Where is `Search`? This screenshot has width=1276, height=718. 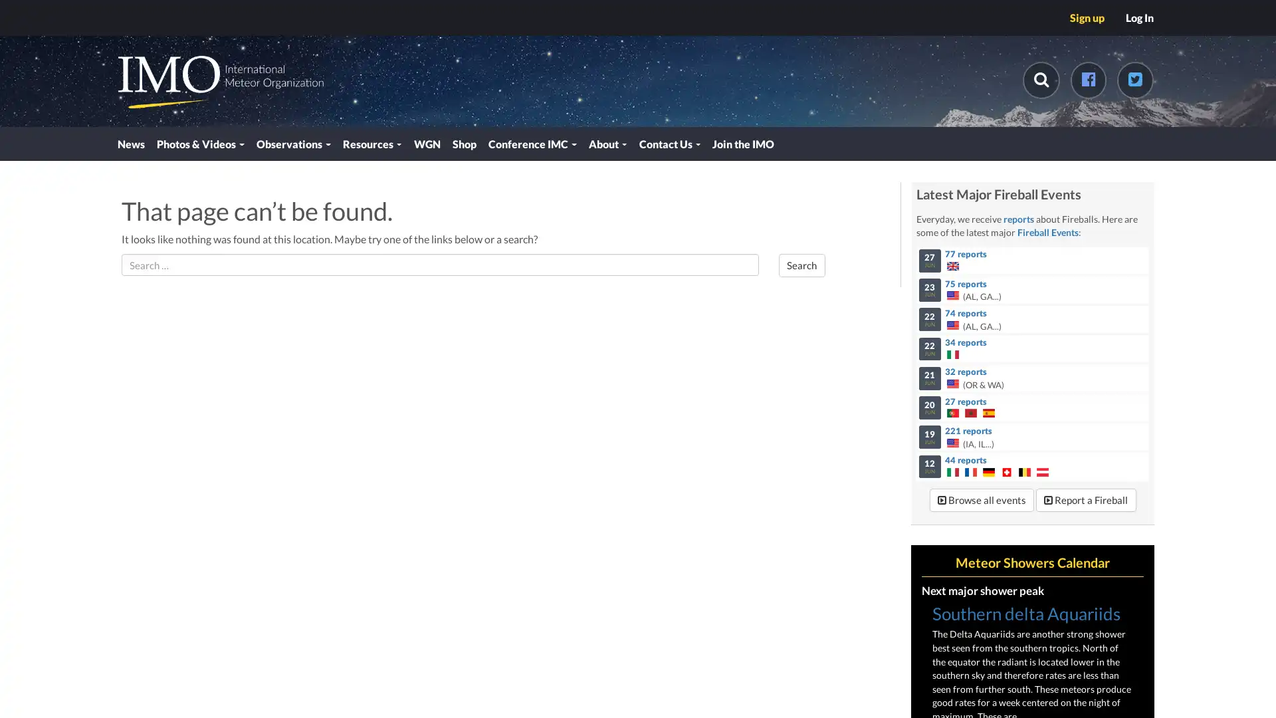
Search is located at coordinates (801, 273).